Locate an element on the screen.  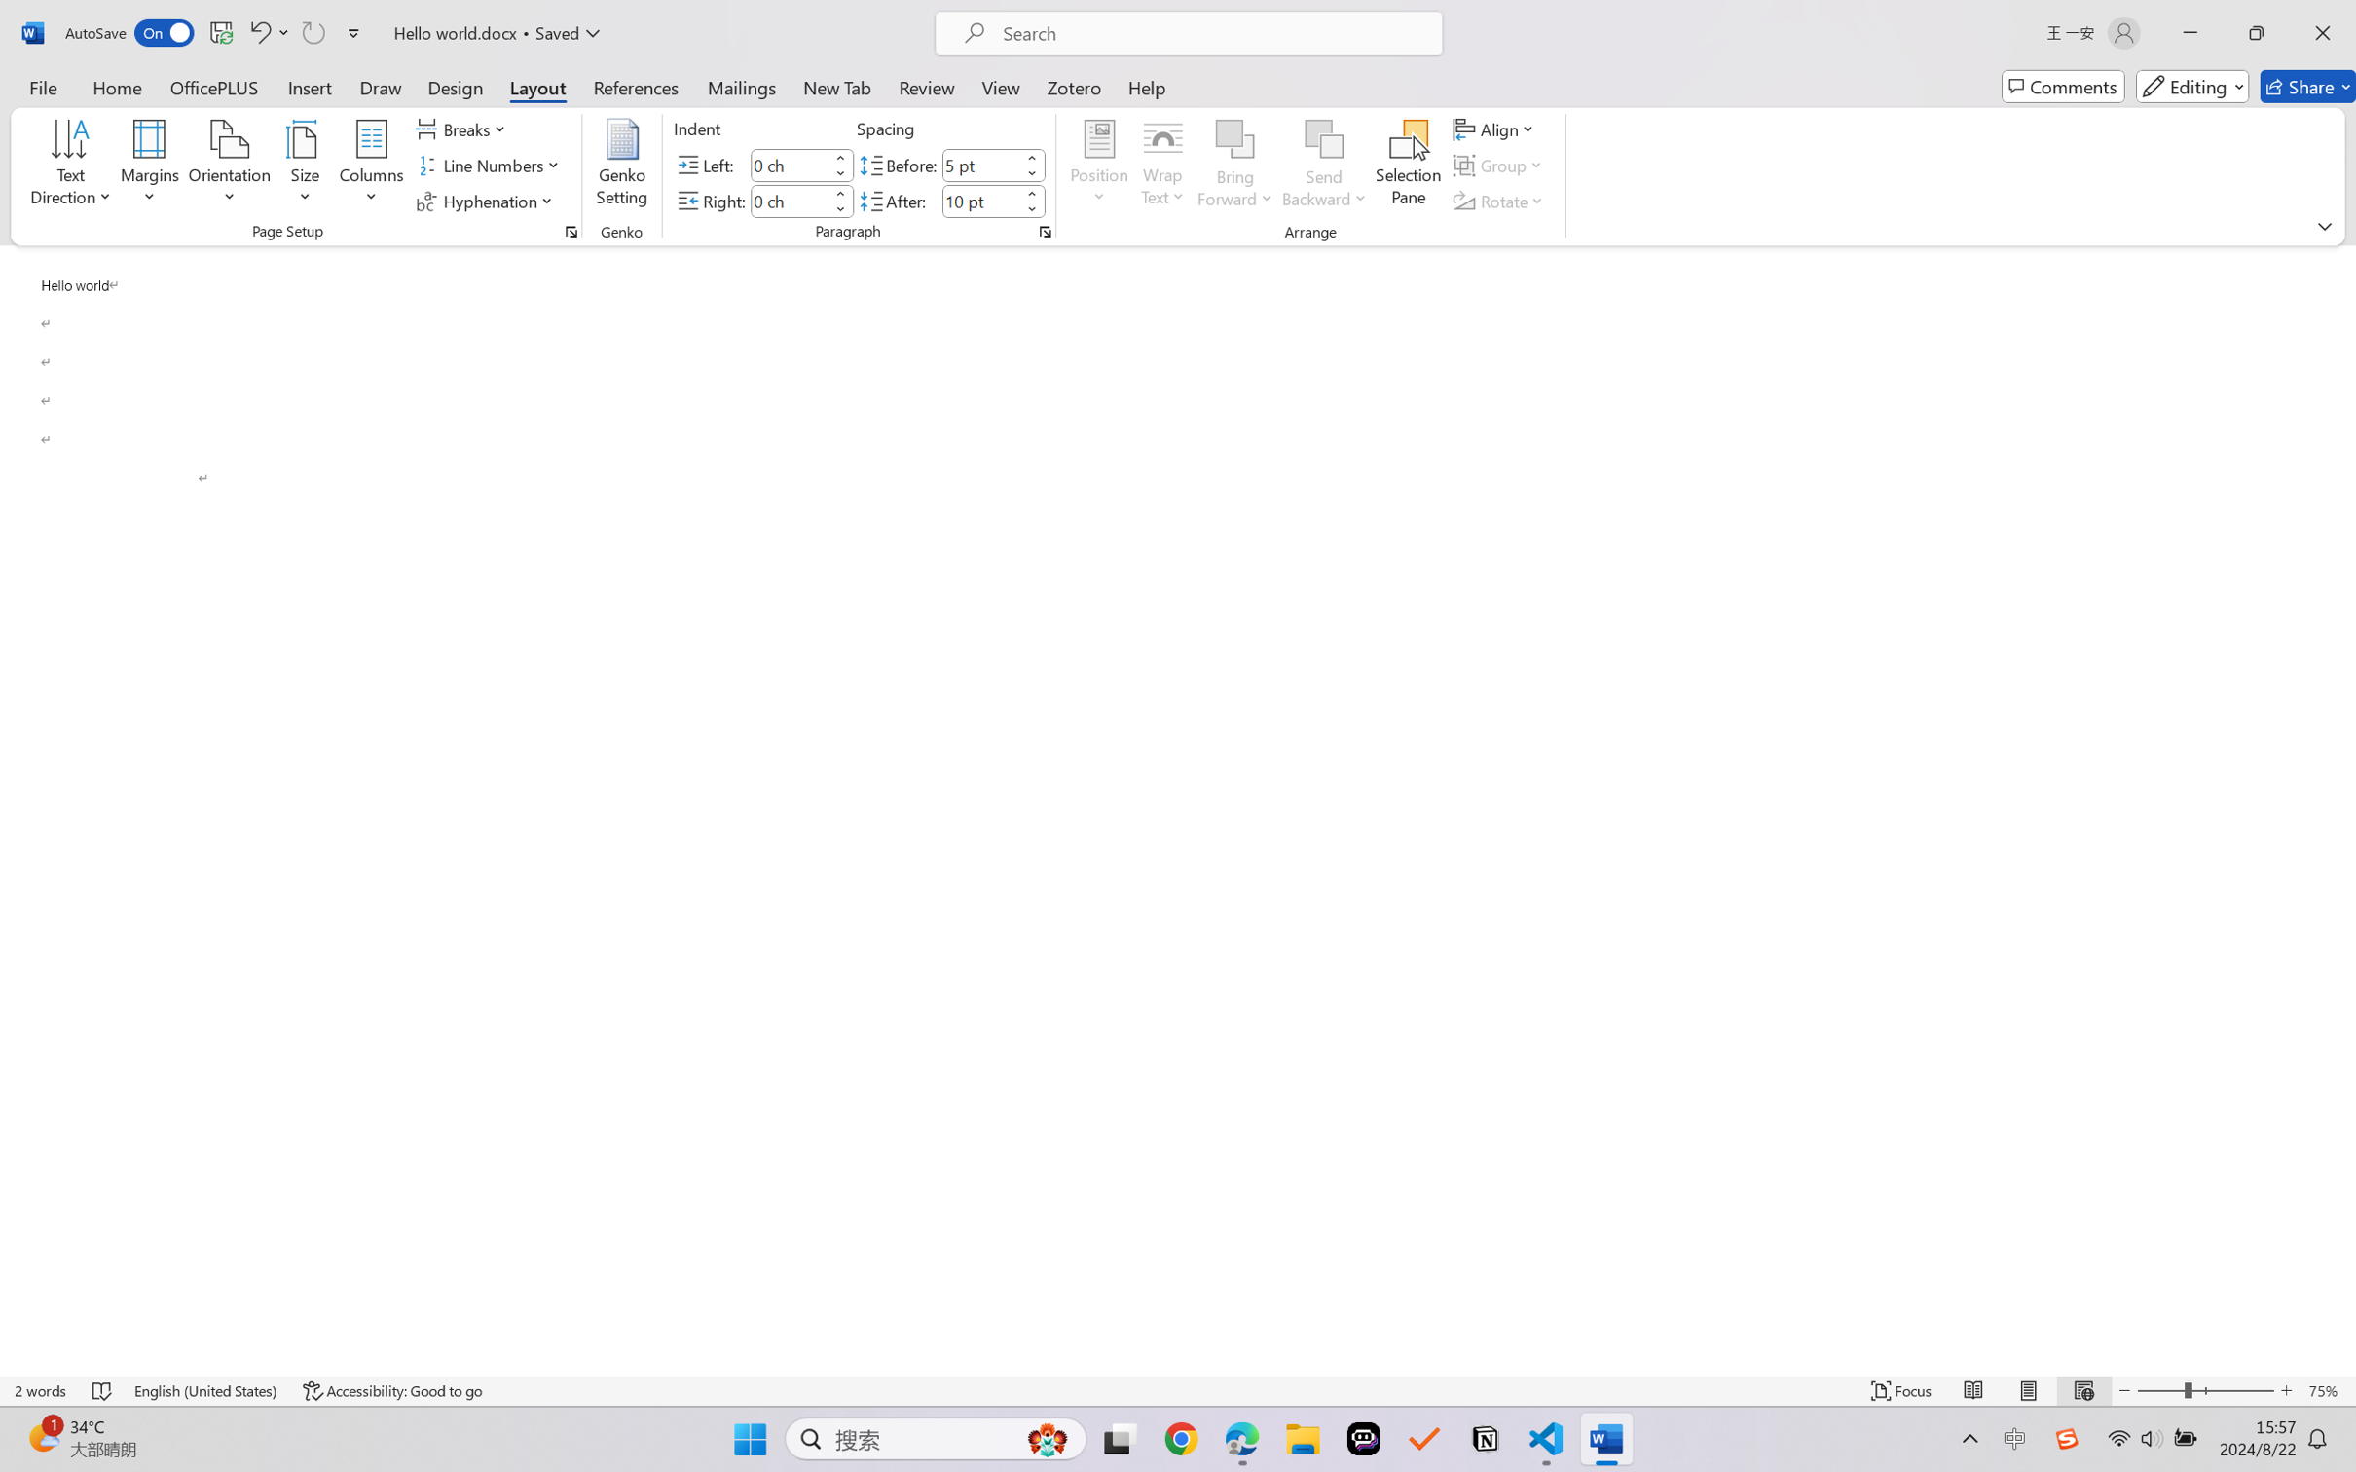
'AutomationID: BadgeAnchorLargeTicker' is located at coordinates (42, 1437).